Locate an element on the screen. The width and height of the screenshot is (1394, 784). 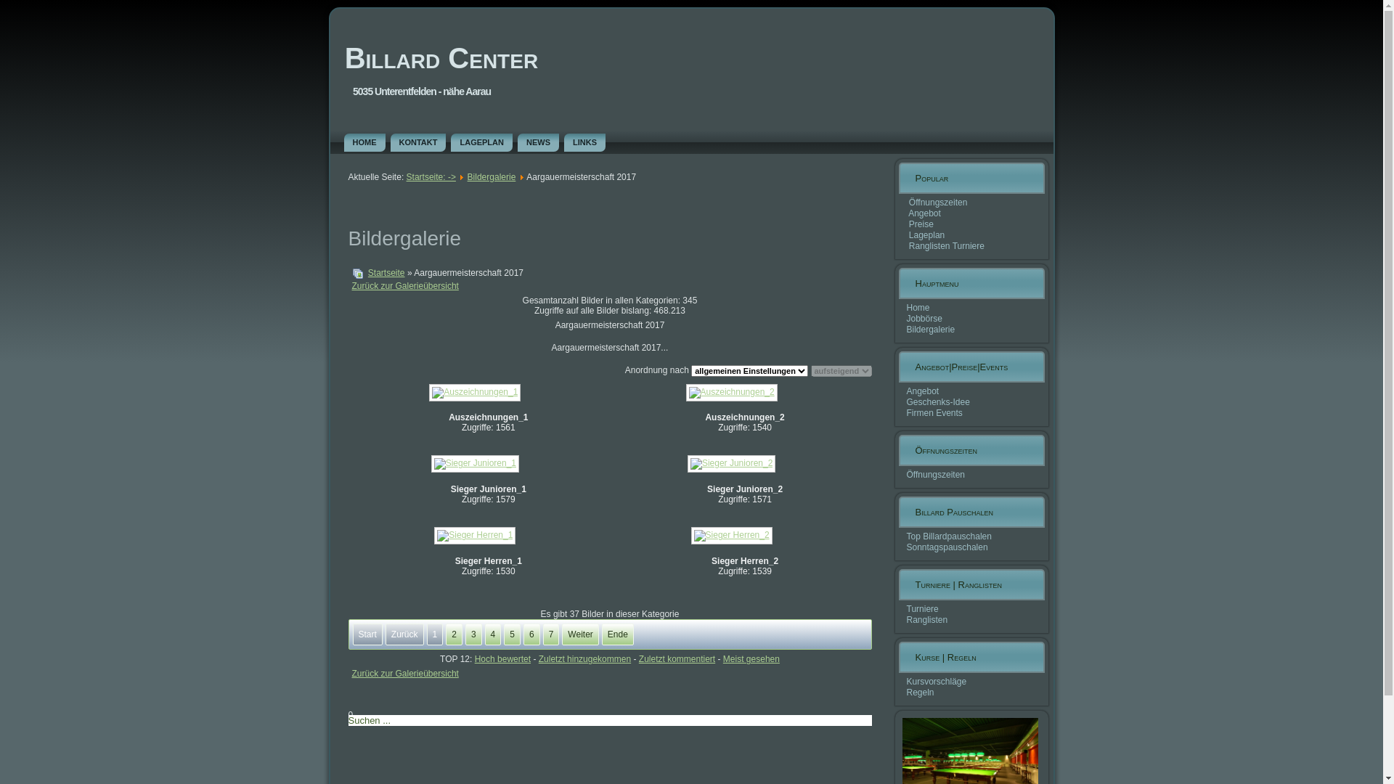
'Weiter' is located at coordinates (579, 634).